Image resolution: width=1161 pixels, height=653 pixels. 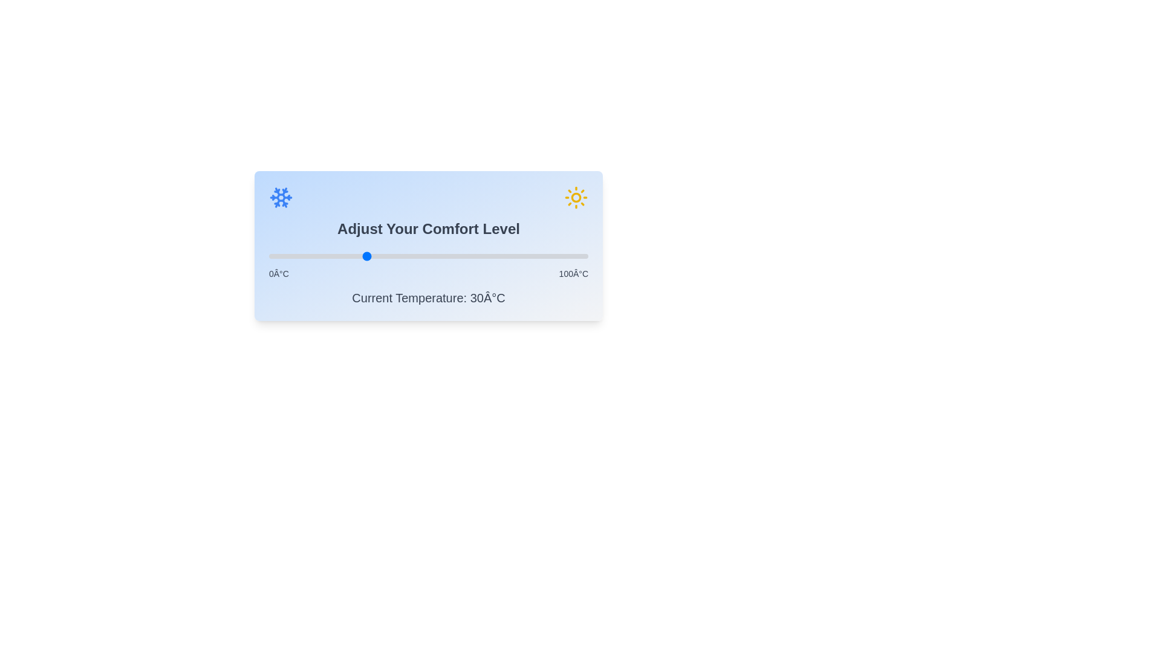 What do you see at coordinates (536, 256) in the screenshot?
I see `the comfort level slider to set the temperature to 84 degrees Celsius` at bounding box center [536, 256].